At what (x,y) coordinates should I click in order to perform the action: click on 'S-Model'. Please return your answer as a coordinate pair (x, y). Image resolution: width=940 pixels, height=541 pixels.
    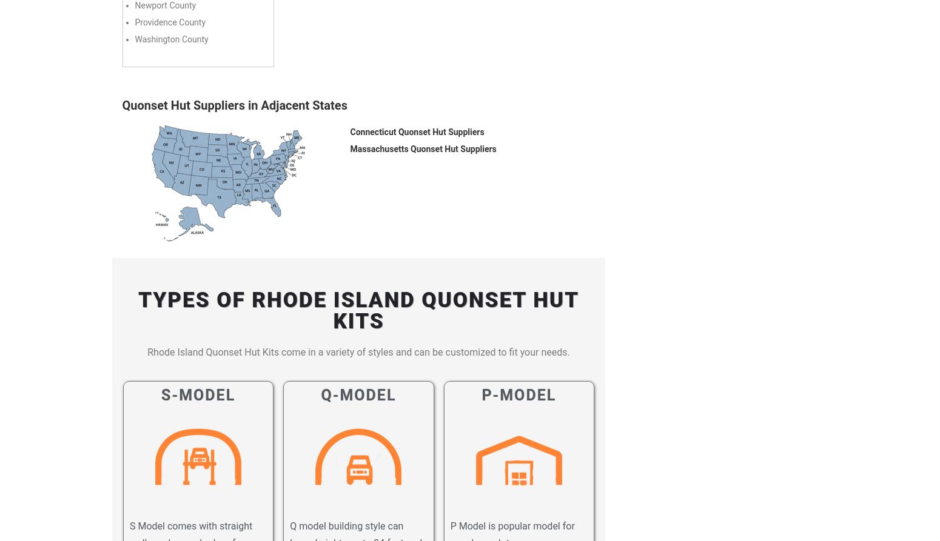
    Looking at the image, I should click on (198, 394).